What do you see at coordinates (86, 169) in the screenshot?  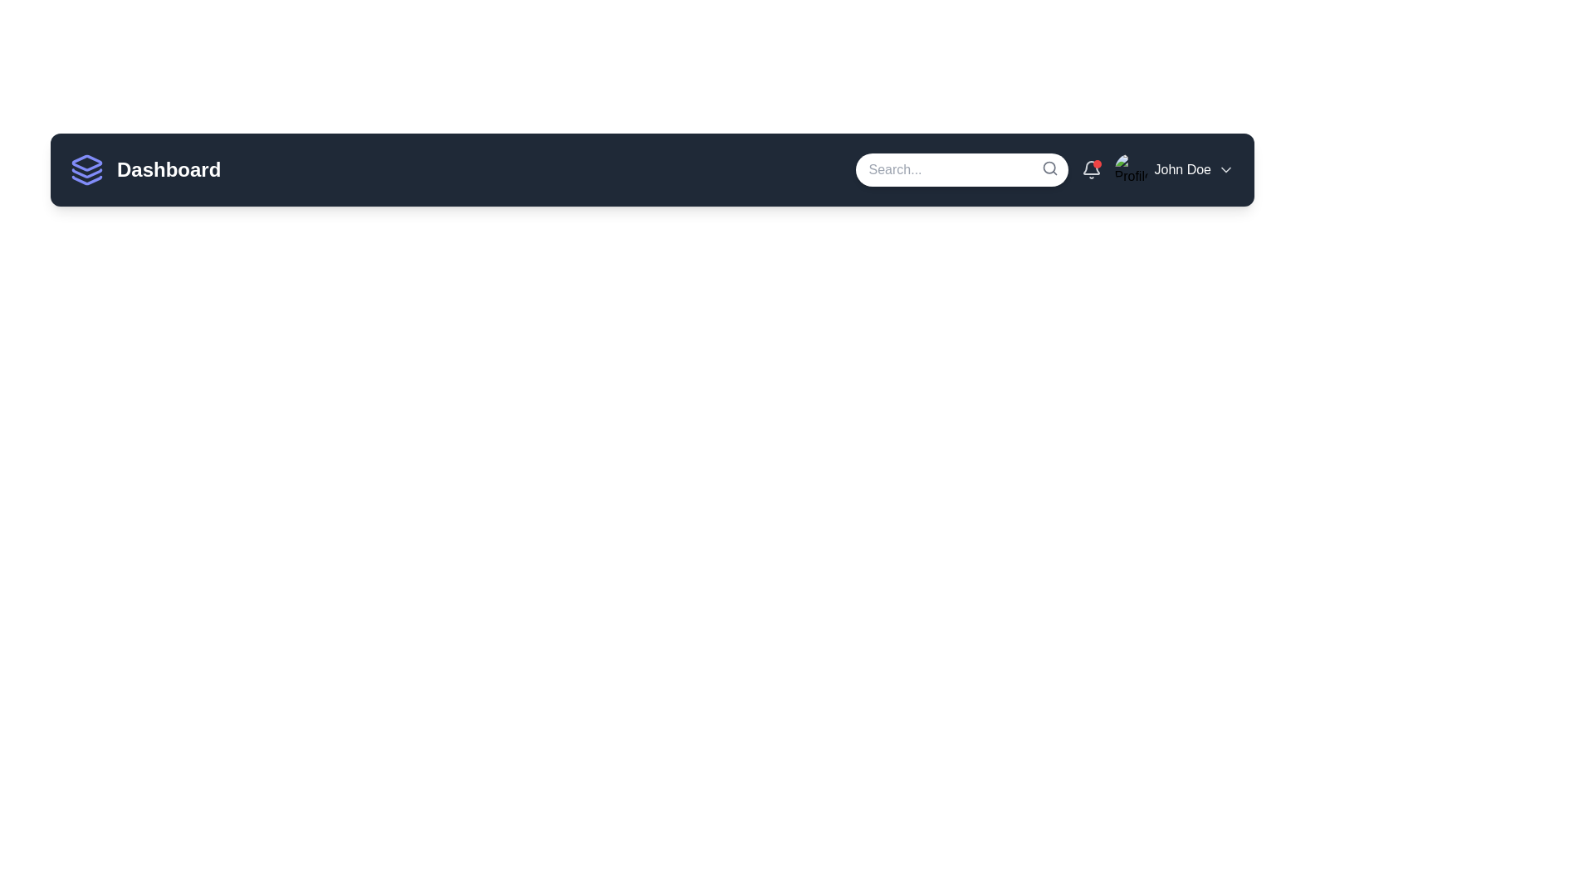 I see `the indigo outlined icon resembling three stacked layers, located to the left of the 'Dashboard' text in the Dashboard header section` at bounding box center [86, 169].